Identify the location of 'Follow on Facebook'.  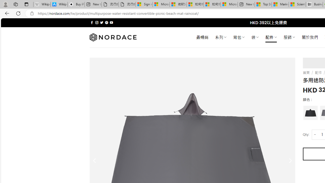
(92, 22).